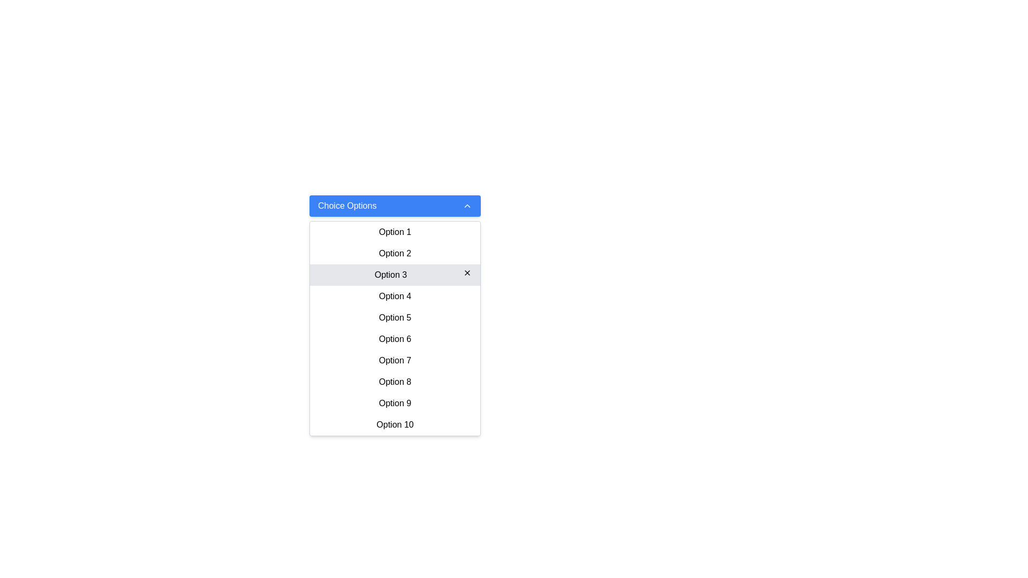 Image resolution: width=1028 pixels, height=578 pixels. What do you see at coordinates (395, 232) in the screenshot?
I see `the Dropdown menu option labeled 'Option 1', which is the first item in a vertically-stacked dropdown menu located below the blue header 'Choice Options'` at bounding box center [395, 232].